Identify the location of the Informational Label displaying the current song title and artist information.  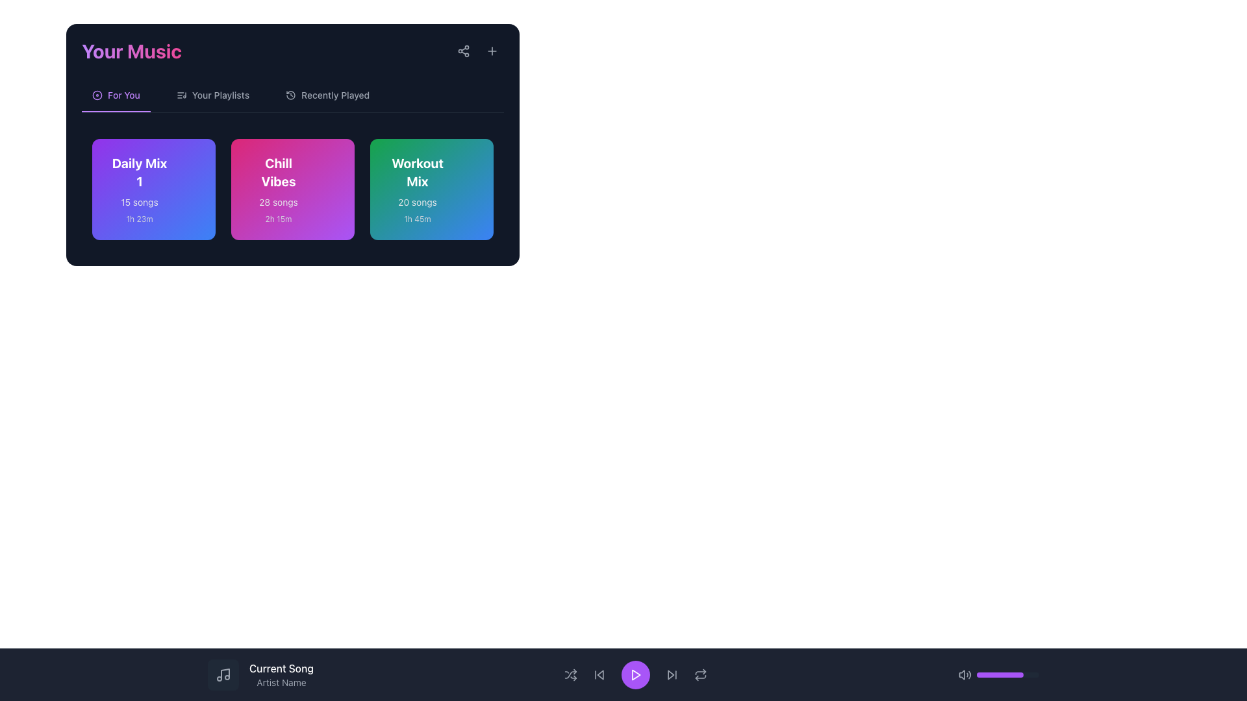
(260, 674).